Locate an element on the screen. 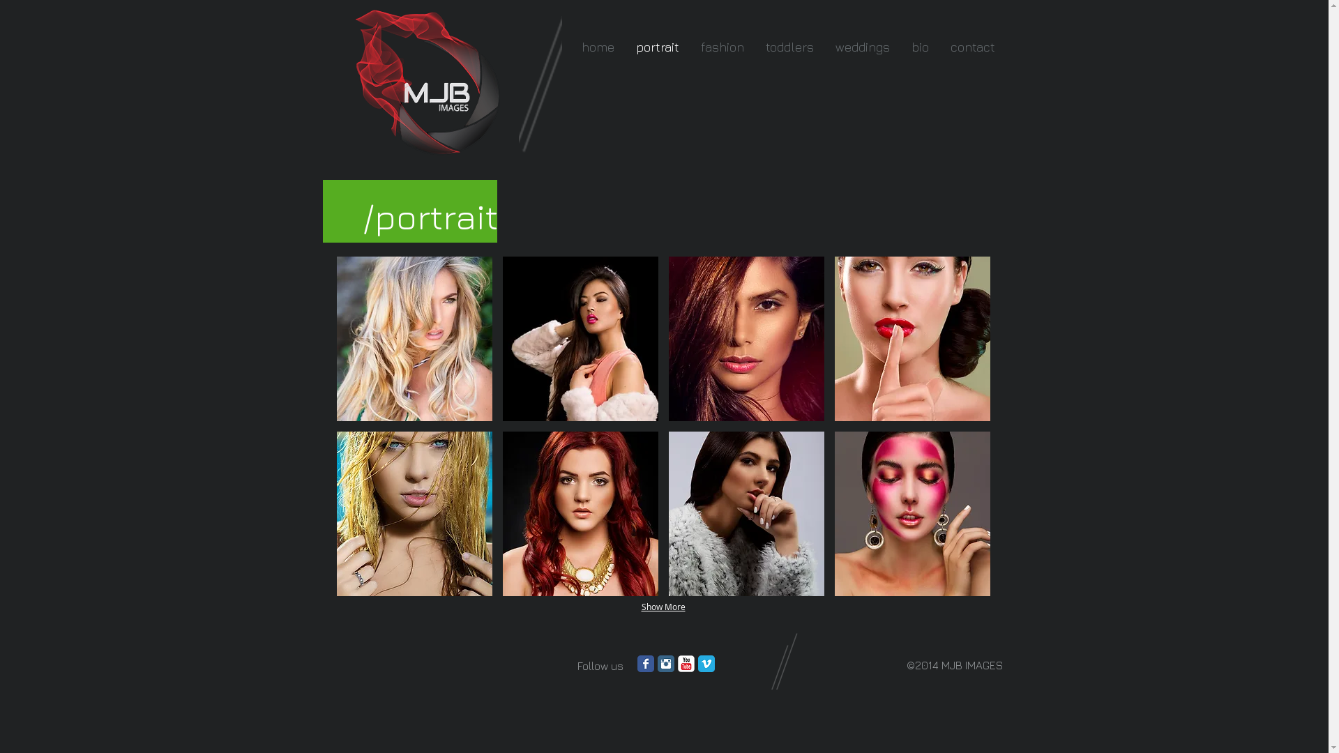 Image resolution: width=1339 pixels, height=753 pixels. 'Show More' is located at coordinates (634, 607).